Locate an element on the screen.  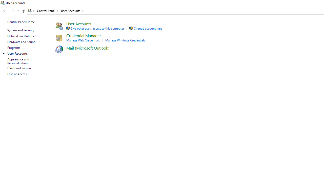
'Ease of Access' is located at coordinates (17, 74).